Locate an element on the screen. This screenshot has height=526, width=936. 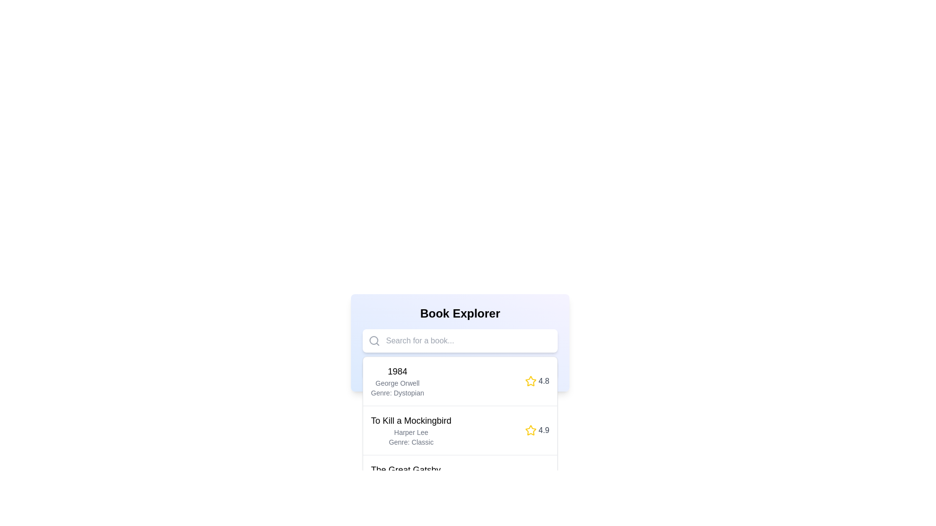
the static text element that provides the genre of the book '1984' by George Orwell, located beneath the author's name is located at coordinates (397, 392).